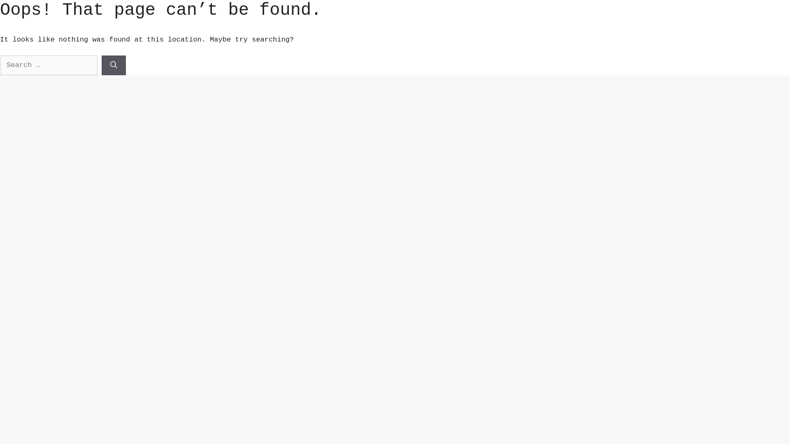 Image resolution: width=790 pixels, height=444 pixels. What do you see at coordinates (48, 65) in the screenshot?
I see `'Search for:'` at bounding box center [48, 65].